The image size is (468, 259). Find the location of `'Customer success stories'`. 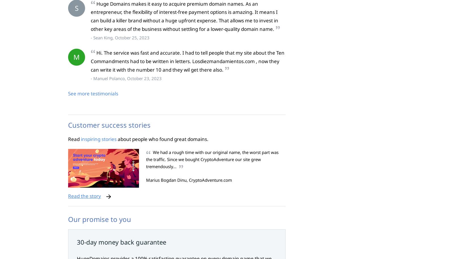

'Customer success stories' is located at coordinates (68, 125).